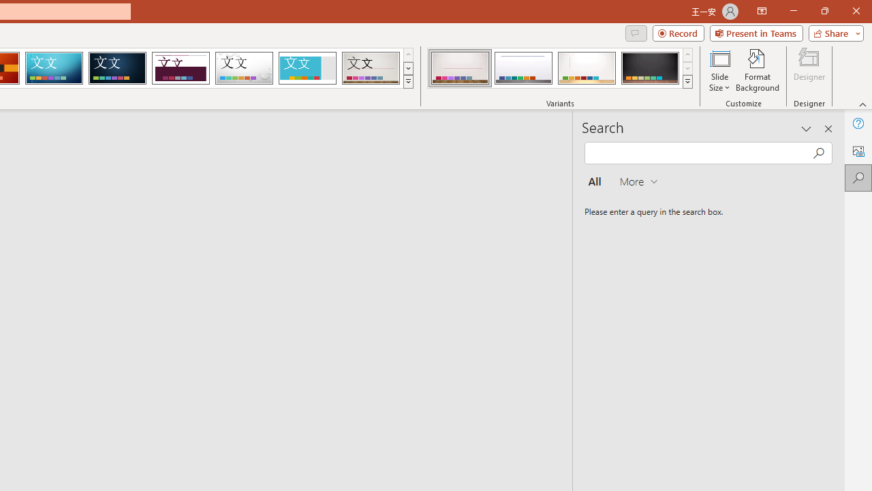  What do you see at coordinates (54, 68) in the screenshot?
I see `'Circuit'` at bounding box center [54, 68].